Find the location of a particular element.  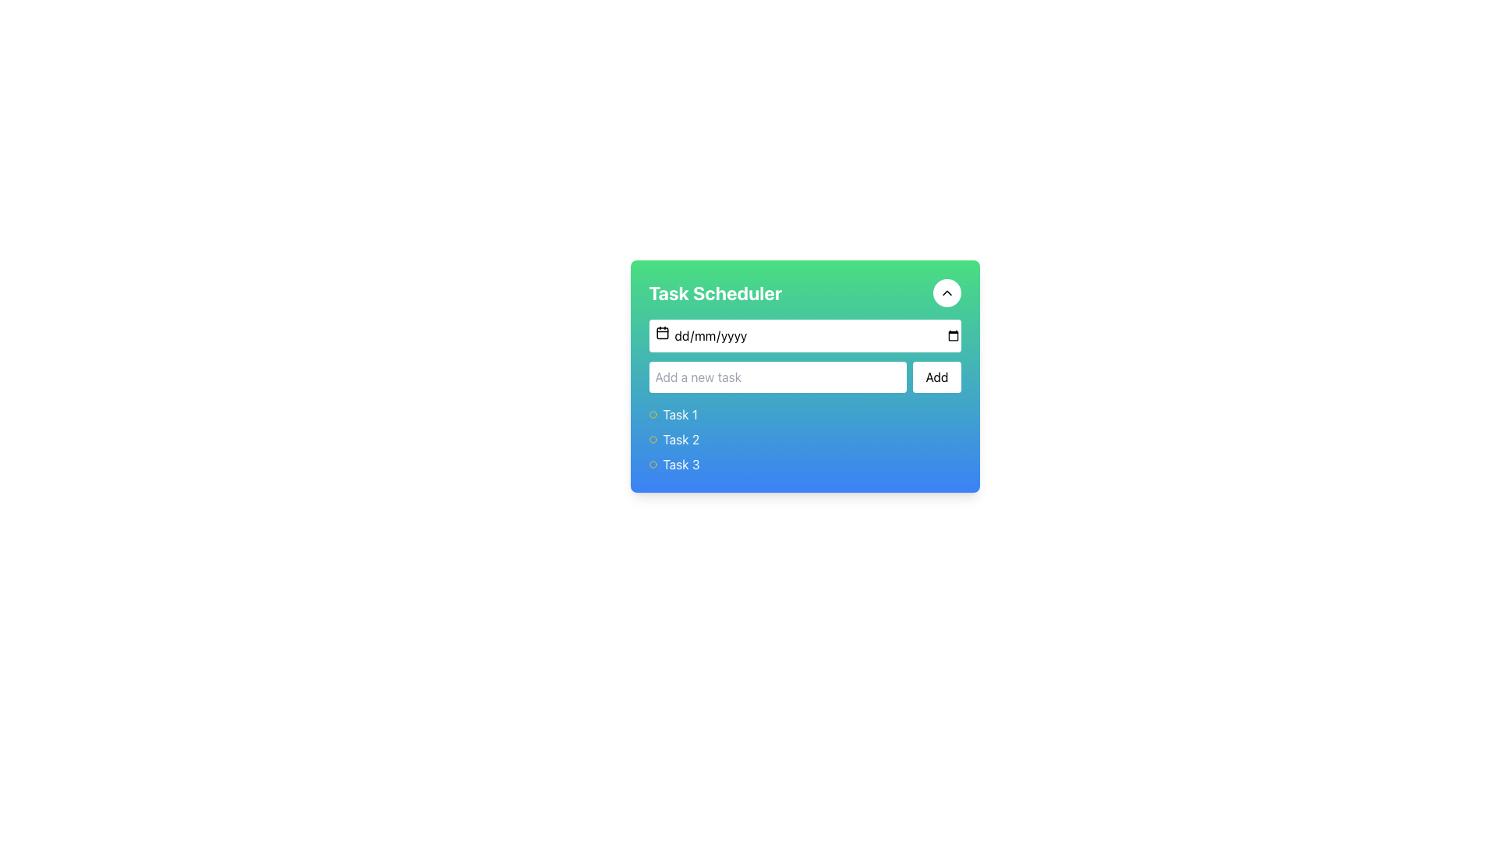

the small circular icon with a bright yellow border located to the left of the text 'Task 2', which serves as a status indicator for the associated task is located at coordinates (653, 439).